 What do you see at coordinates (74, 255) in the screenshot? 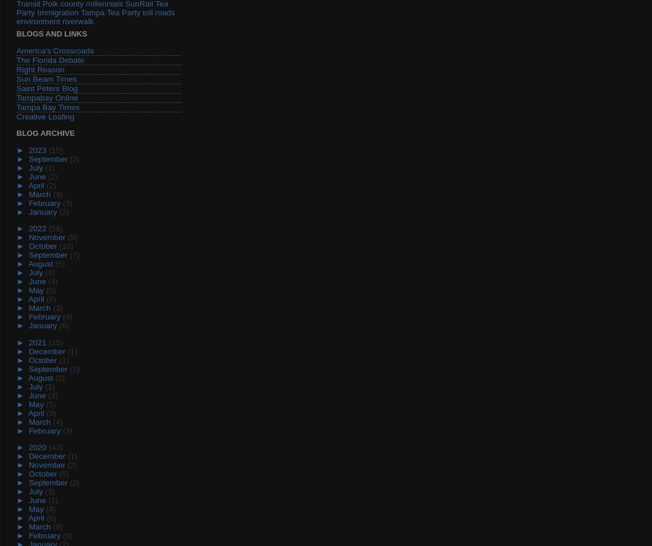
I see `'(7)'` at bounding box center [74, 255].